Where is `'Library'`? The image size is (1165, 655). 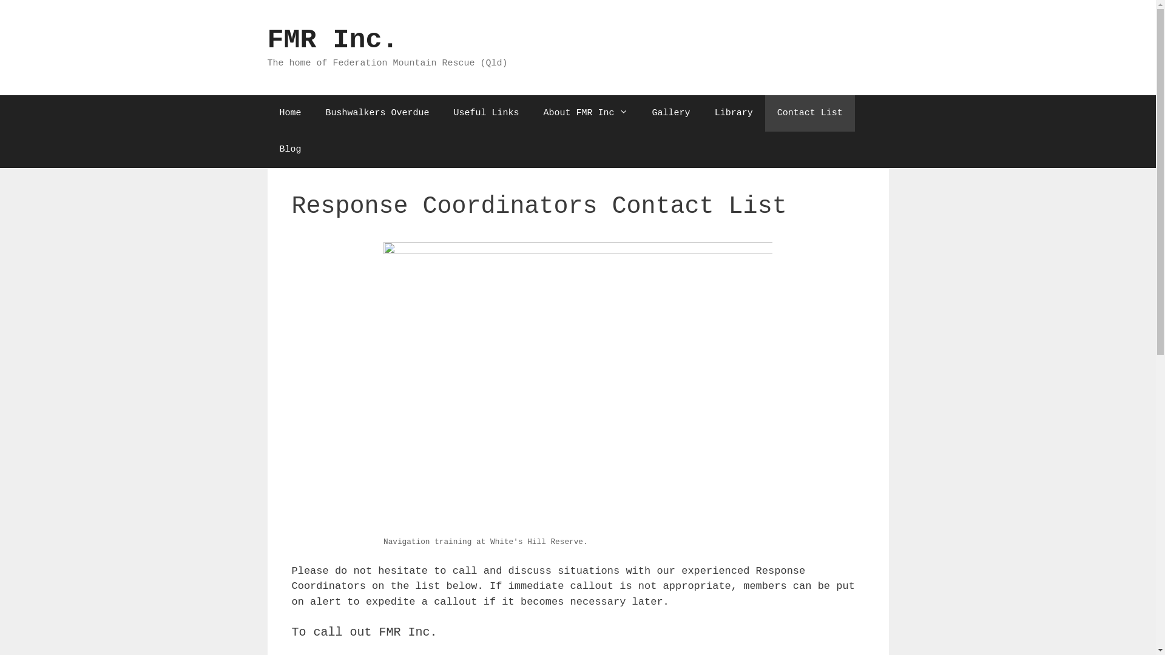 'Library' is located at coordinates (702, 112).